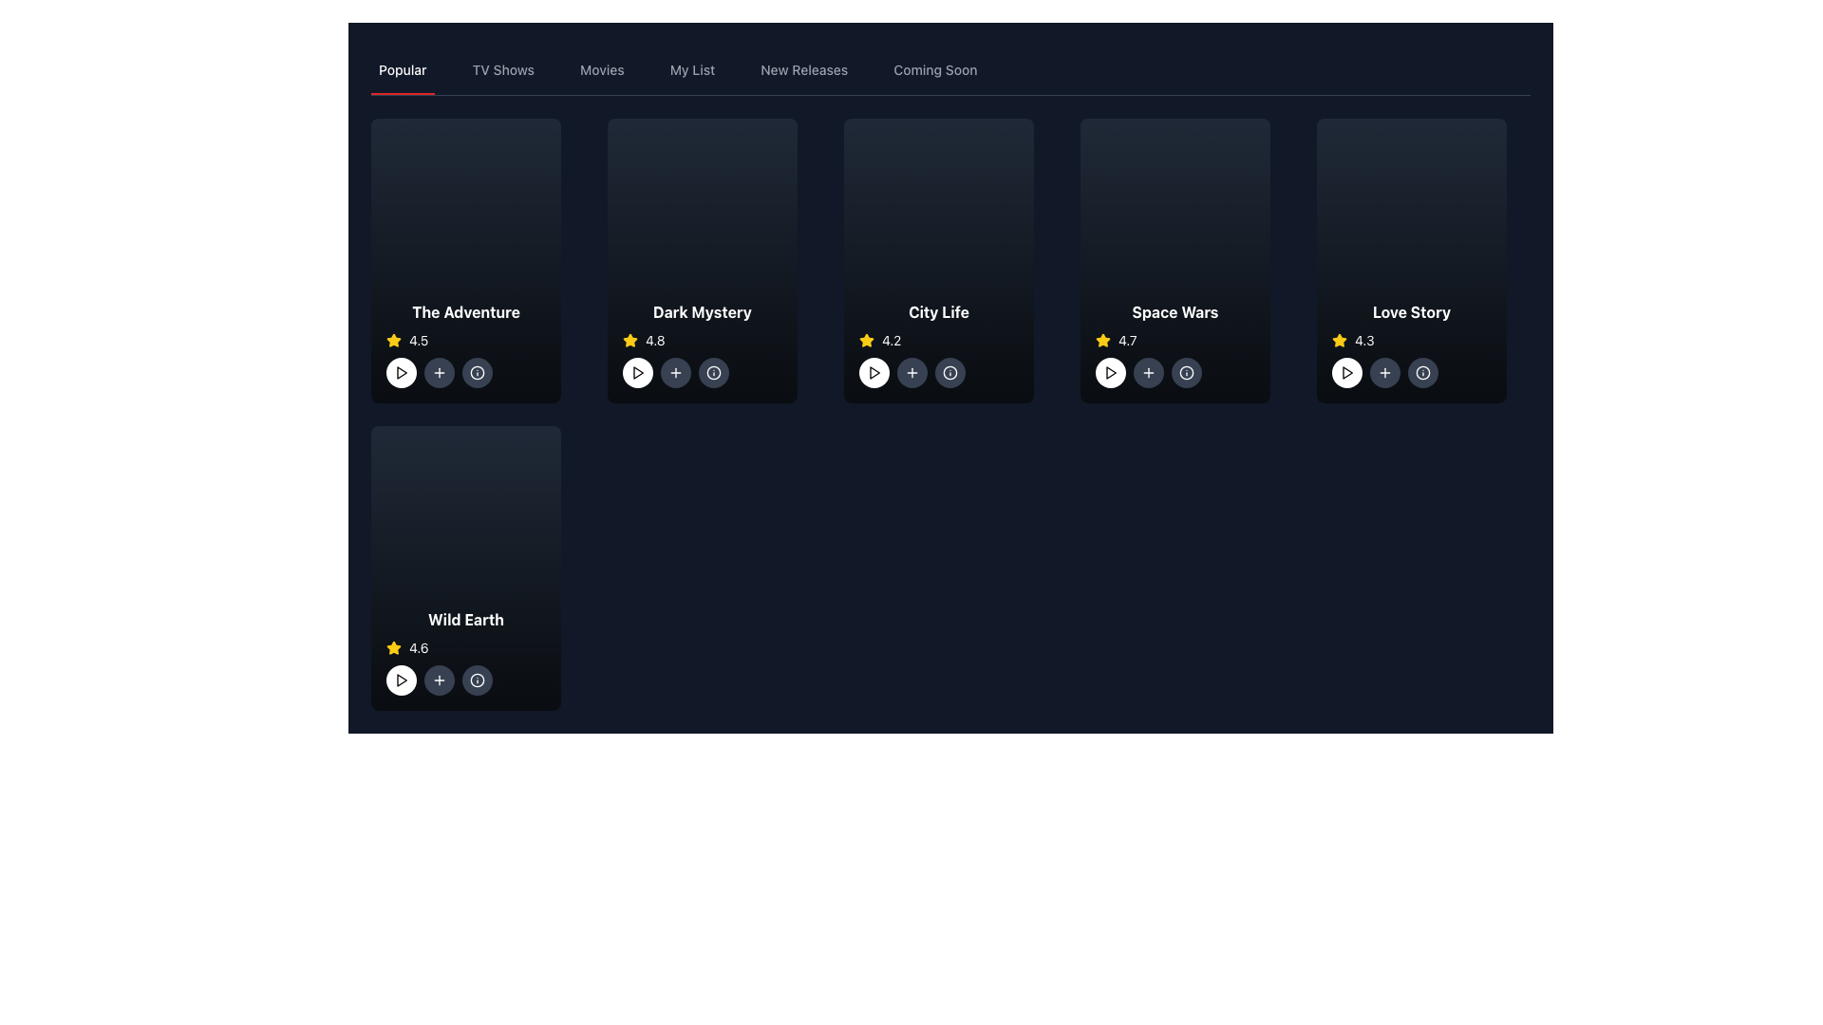  I want to click on the rounded info icon embedded in the button associated with the 'City Life' card in the movie list, so click(950, 373).